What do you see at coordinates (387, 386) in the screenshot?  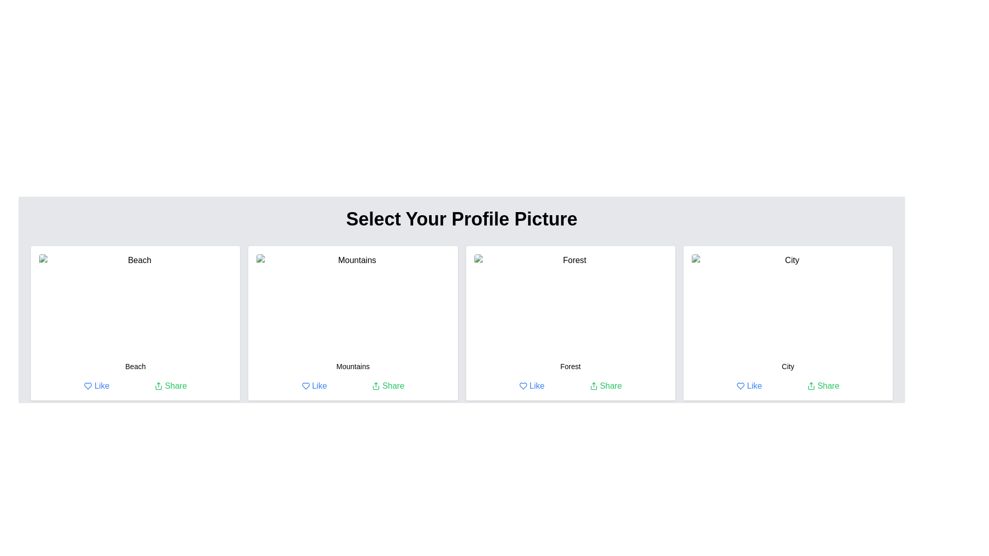 I see `the 'Share' button located to the right of the 'Like' button under the 'Mountains' profile picture to share content` at bounding box center [387, 386].